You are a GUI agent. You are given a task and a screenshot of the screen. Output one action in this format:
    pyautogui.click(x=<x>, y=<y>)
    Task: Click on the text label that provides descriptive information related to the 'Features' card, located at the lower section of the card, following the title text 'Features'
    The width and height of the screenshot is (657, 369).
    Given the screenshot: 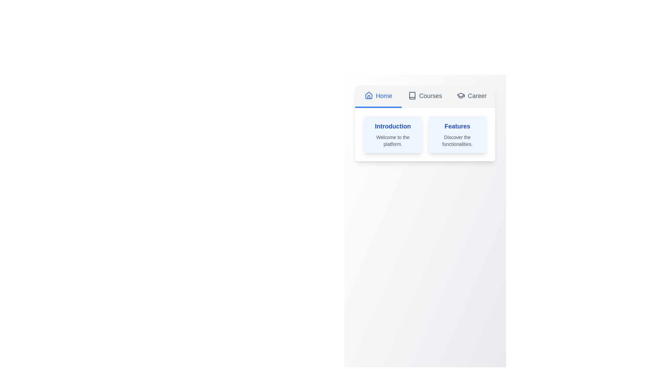 What is the action you would take?
    pyautogui.click(x=457, y=140)
    